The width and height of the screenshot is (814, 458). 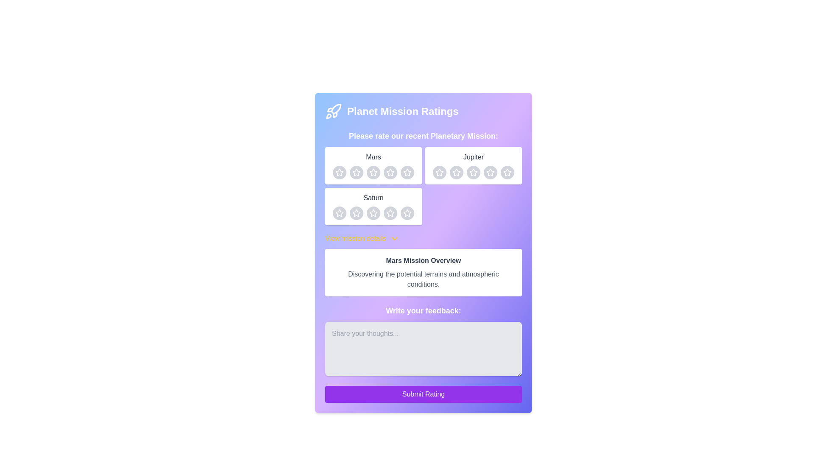 What do you see at coordinates (456, 172) in the screenshot?
I see `the third five-pointed star icon in the rating section under the 'Jupiter' label for a detailed view` at bounding box center [456, 172].